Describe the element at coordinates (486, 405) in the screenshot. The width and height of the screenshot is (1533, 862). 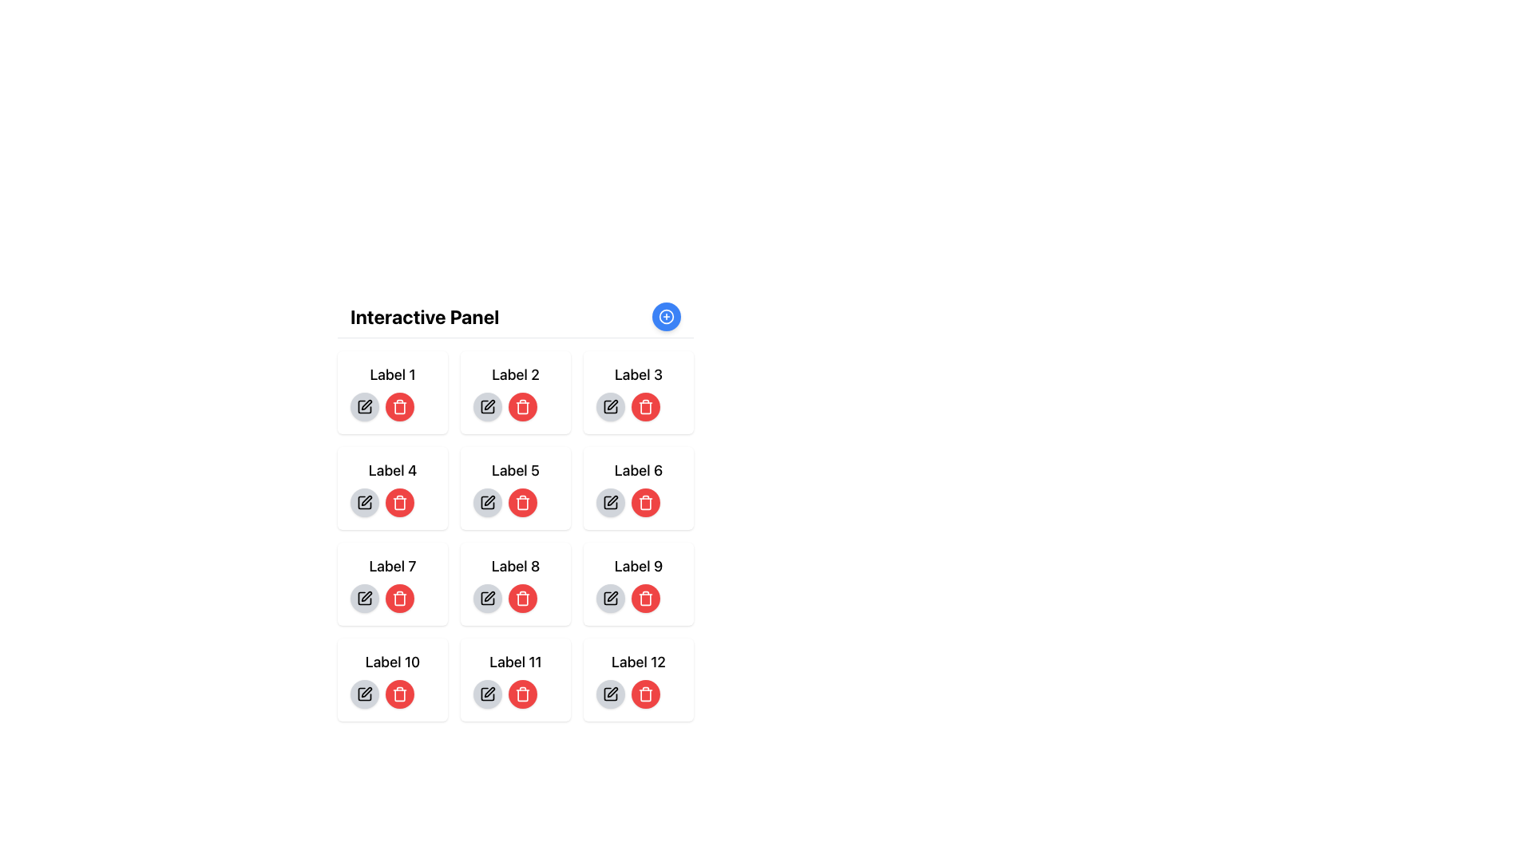
I see `the pencil icon in the second cell of the second row under the 'Interactive Panel' header to initiate the editing process` at that location.